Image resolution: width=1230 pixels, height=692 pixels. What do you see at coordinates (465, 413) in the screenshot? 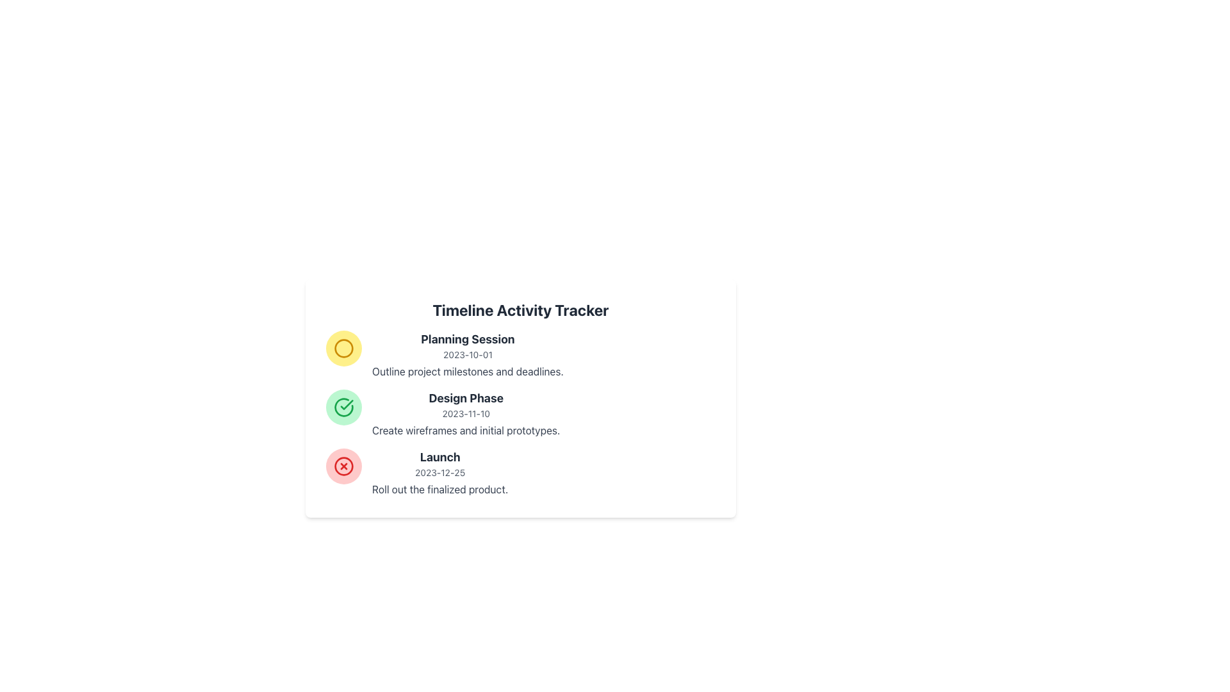
I see `the text label displaying '2023-11-10' which is located below the title 'Design Phase' and above the description 'Create wireframes and initial prototypes.'` at bounding box center [465, 413].